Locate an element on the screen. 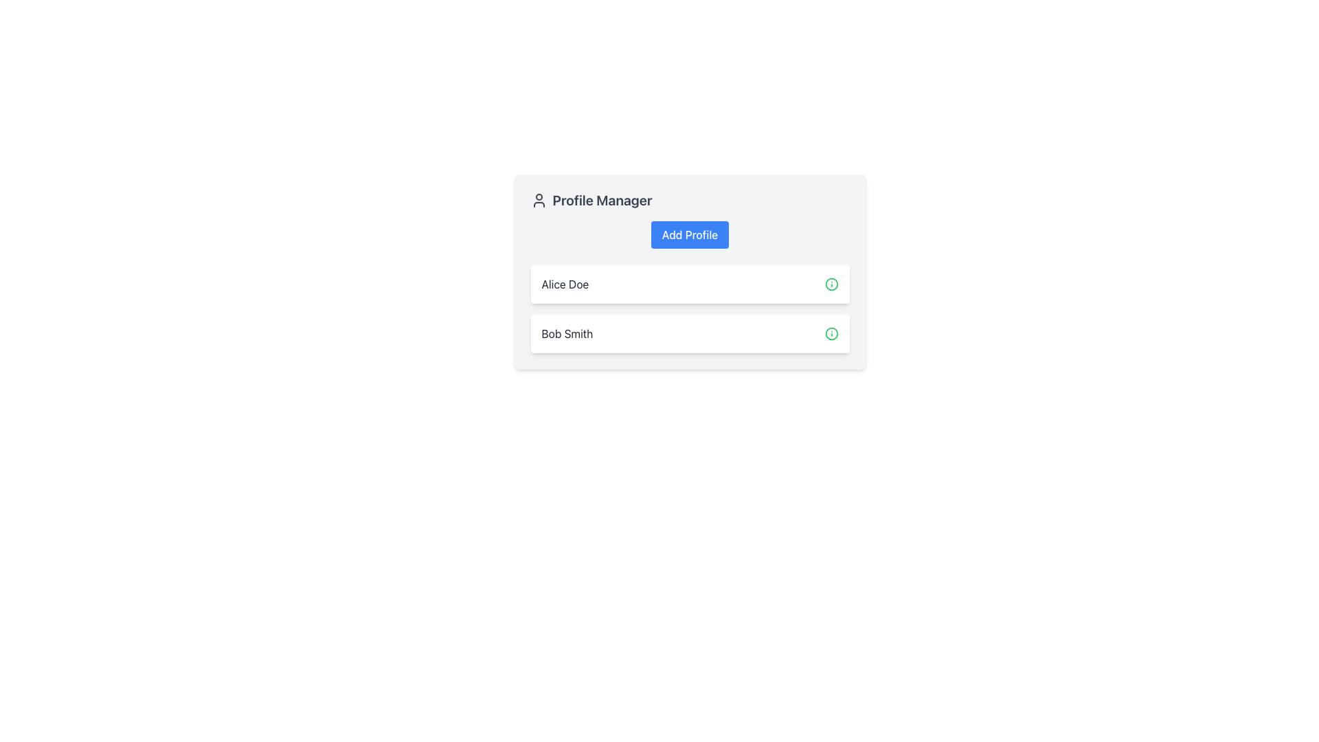  the profile management icon located at the top-left corner inside the 'Profile Manager' box, preceding the 'Profile Manager' text is located at coordinates (538, 201).